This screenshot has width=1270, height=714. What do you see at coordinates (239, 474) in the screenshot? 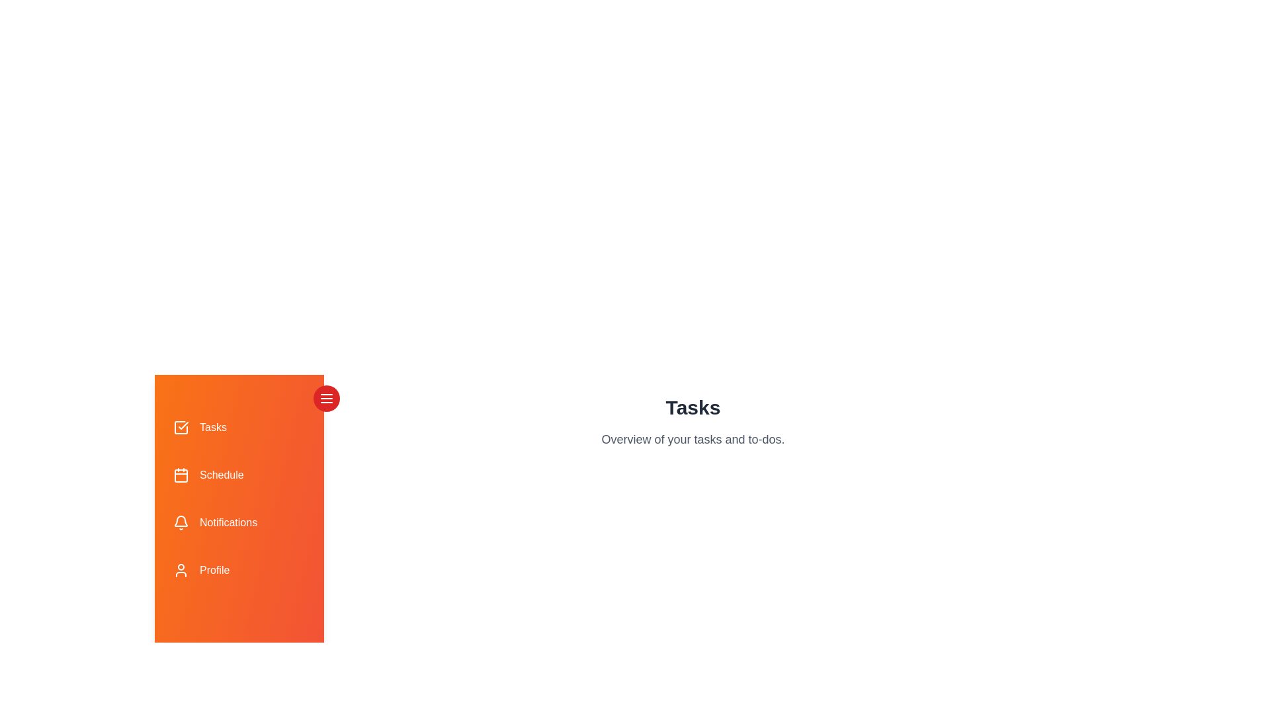
I see `the tab labeled Schedule to switch to it` at bounding box center [239, 474].